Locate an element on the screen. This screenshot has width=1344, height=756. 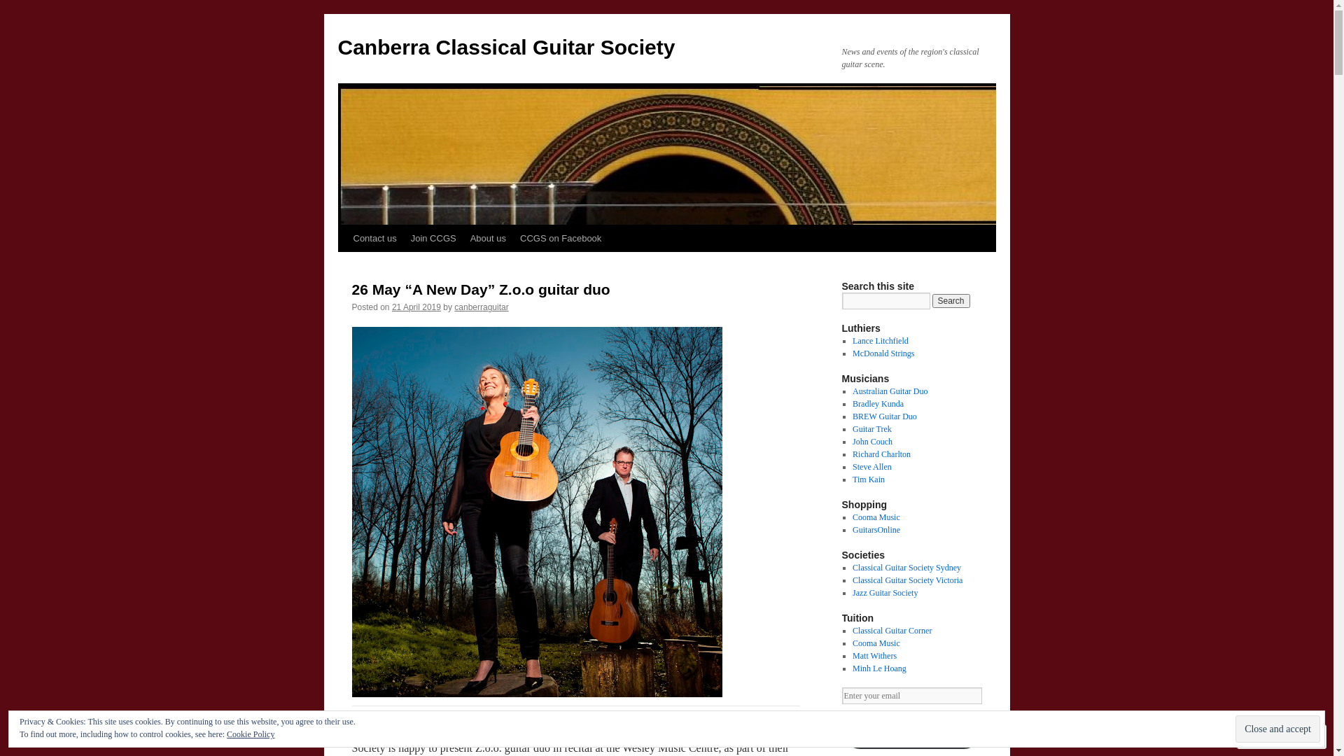
'Canberra Classical Guitar Society' is located at coordinates (505, 46).